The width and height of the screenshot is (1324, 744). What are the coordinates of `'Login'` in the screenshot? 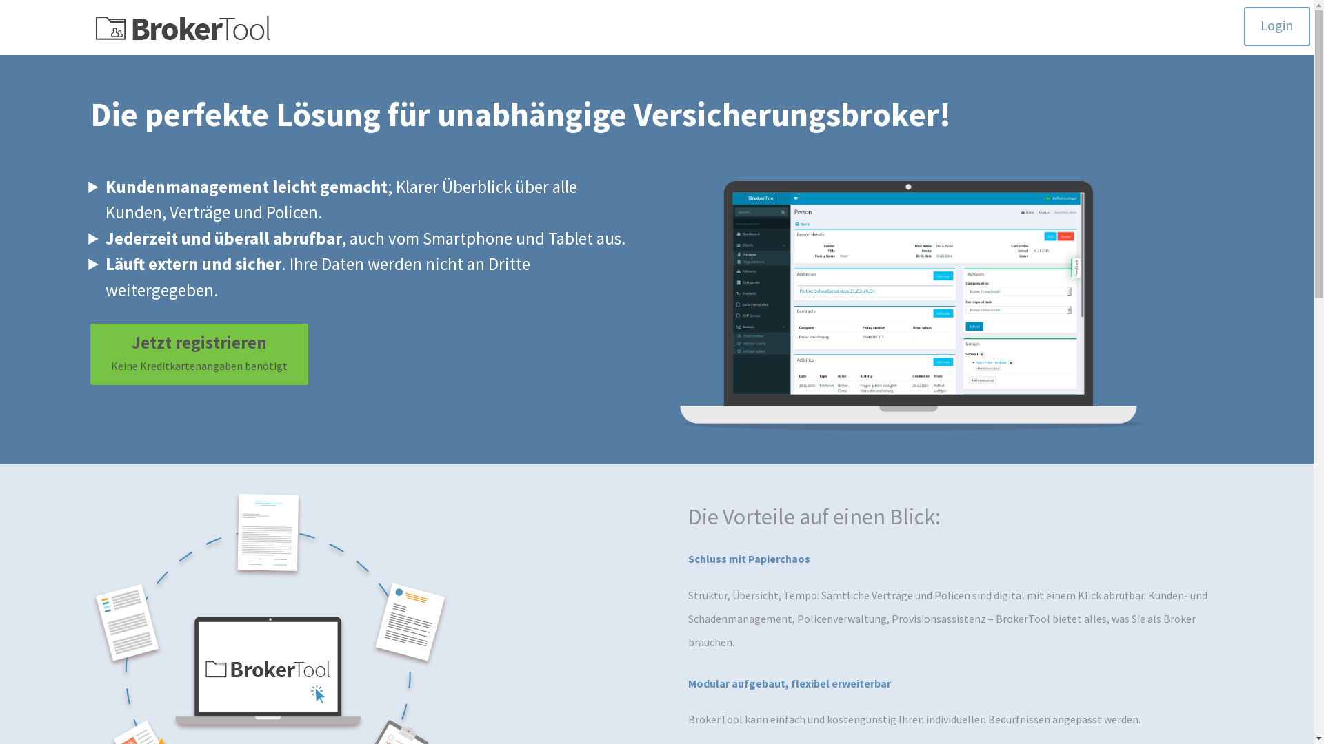 It's located at (1276, 26).